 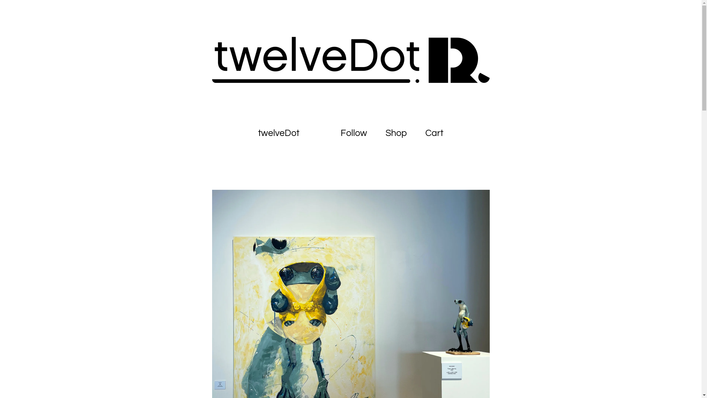 I want to click on 'Follow', so click(x=353, y=133).